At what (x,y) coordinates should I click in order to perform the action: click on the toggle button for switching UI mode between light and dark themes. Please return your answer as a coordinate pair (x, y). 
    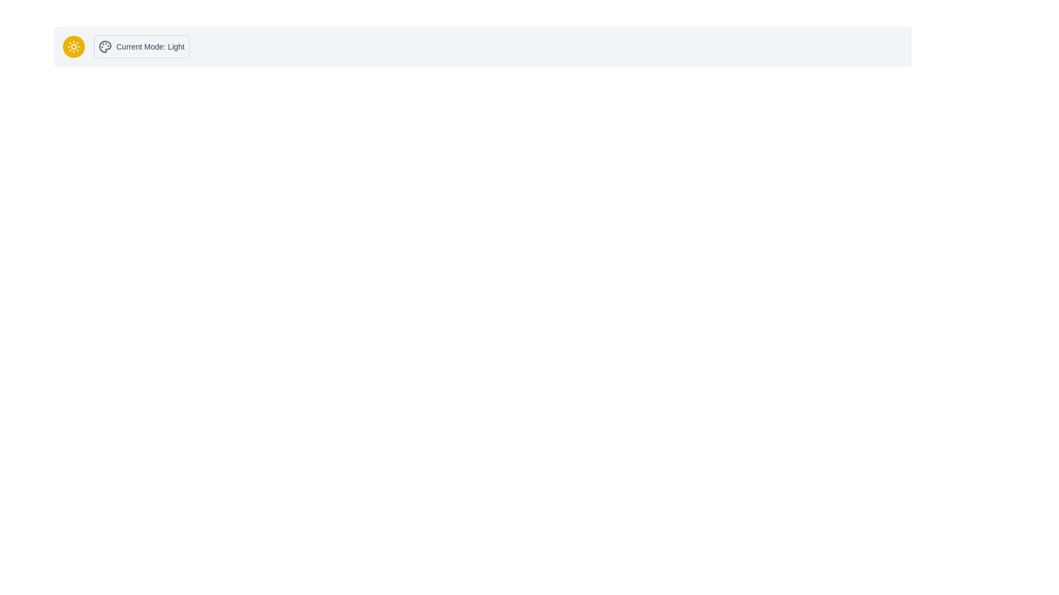
    Looking at the image, I should click on (73, 46).